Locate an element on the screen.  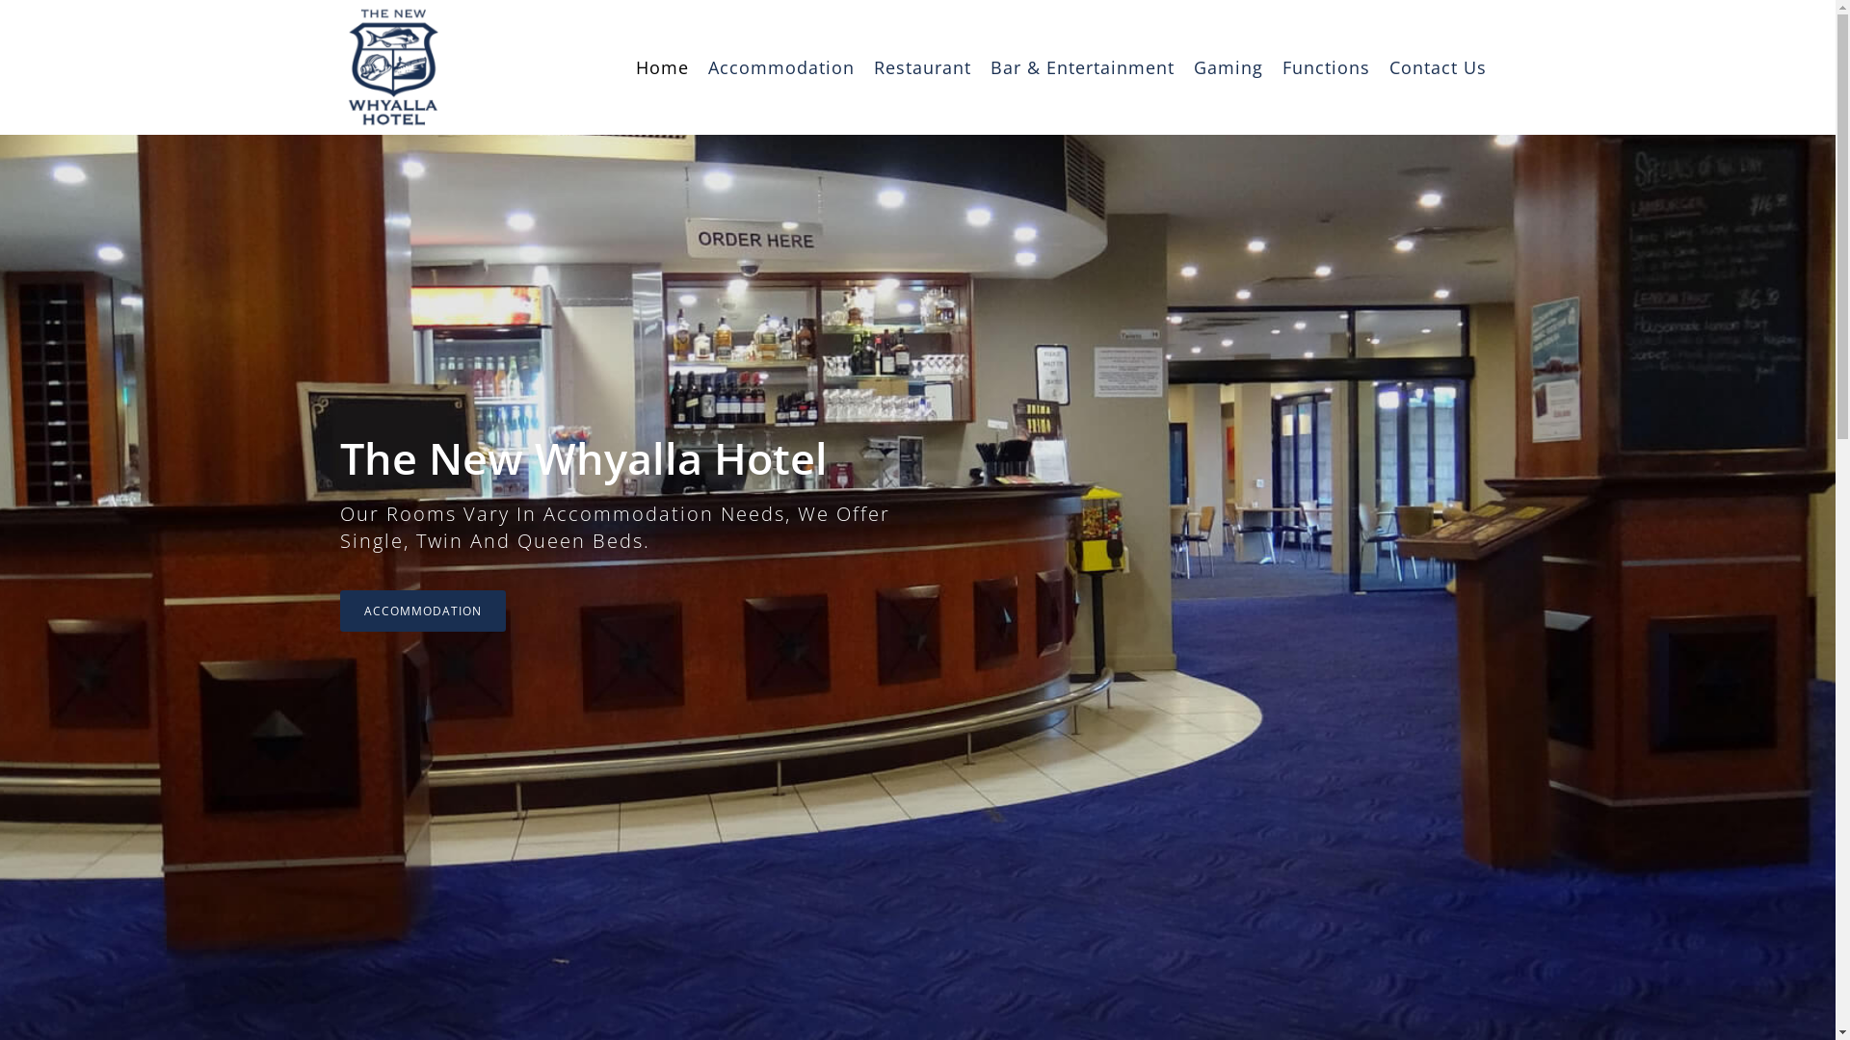
'Restaurant' is located at coordinates (920, 65).